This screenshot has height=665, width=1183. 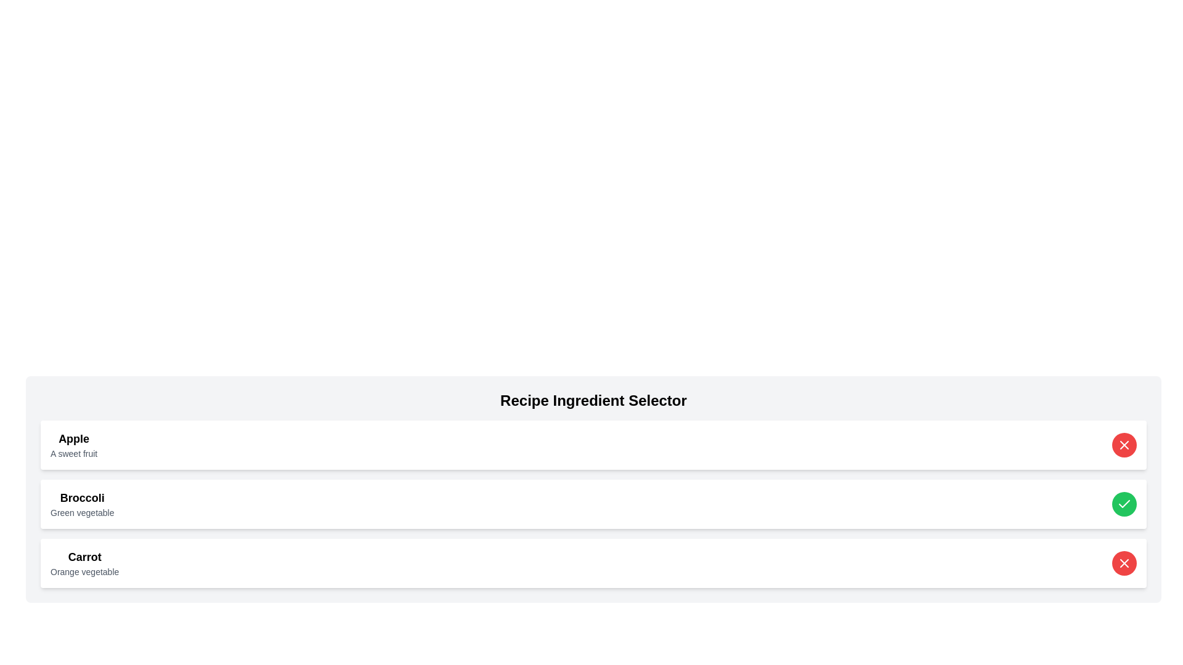 What do you see at coordinates (84, 557) in the screenshot?
I see `the header text element that identifies the card topic as 'Carrot', which is positioned at the top of the card in the vertical list` at bounding box center [84, 557].